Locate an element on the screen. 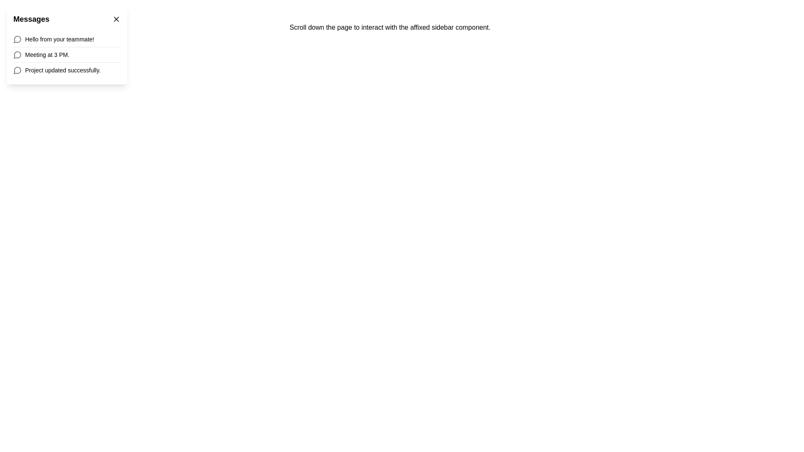 This screenshot has height=452, width=804. the close button with an icon in the header of the 'Messages' interface is located at coordinates (116, 19).